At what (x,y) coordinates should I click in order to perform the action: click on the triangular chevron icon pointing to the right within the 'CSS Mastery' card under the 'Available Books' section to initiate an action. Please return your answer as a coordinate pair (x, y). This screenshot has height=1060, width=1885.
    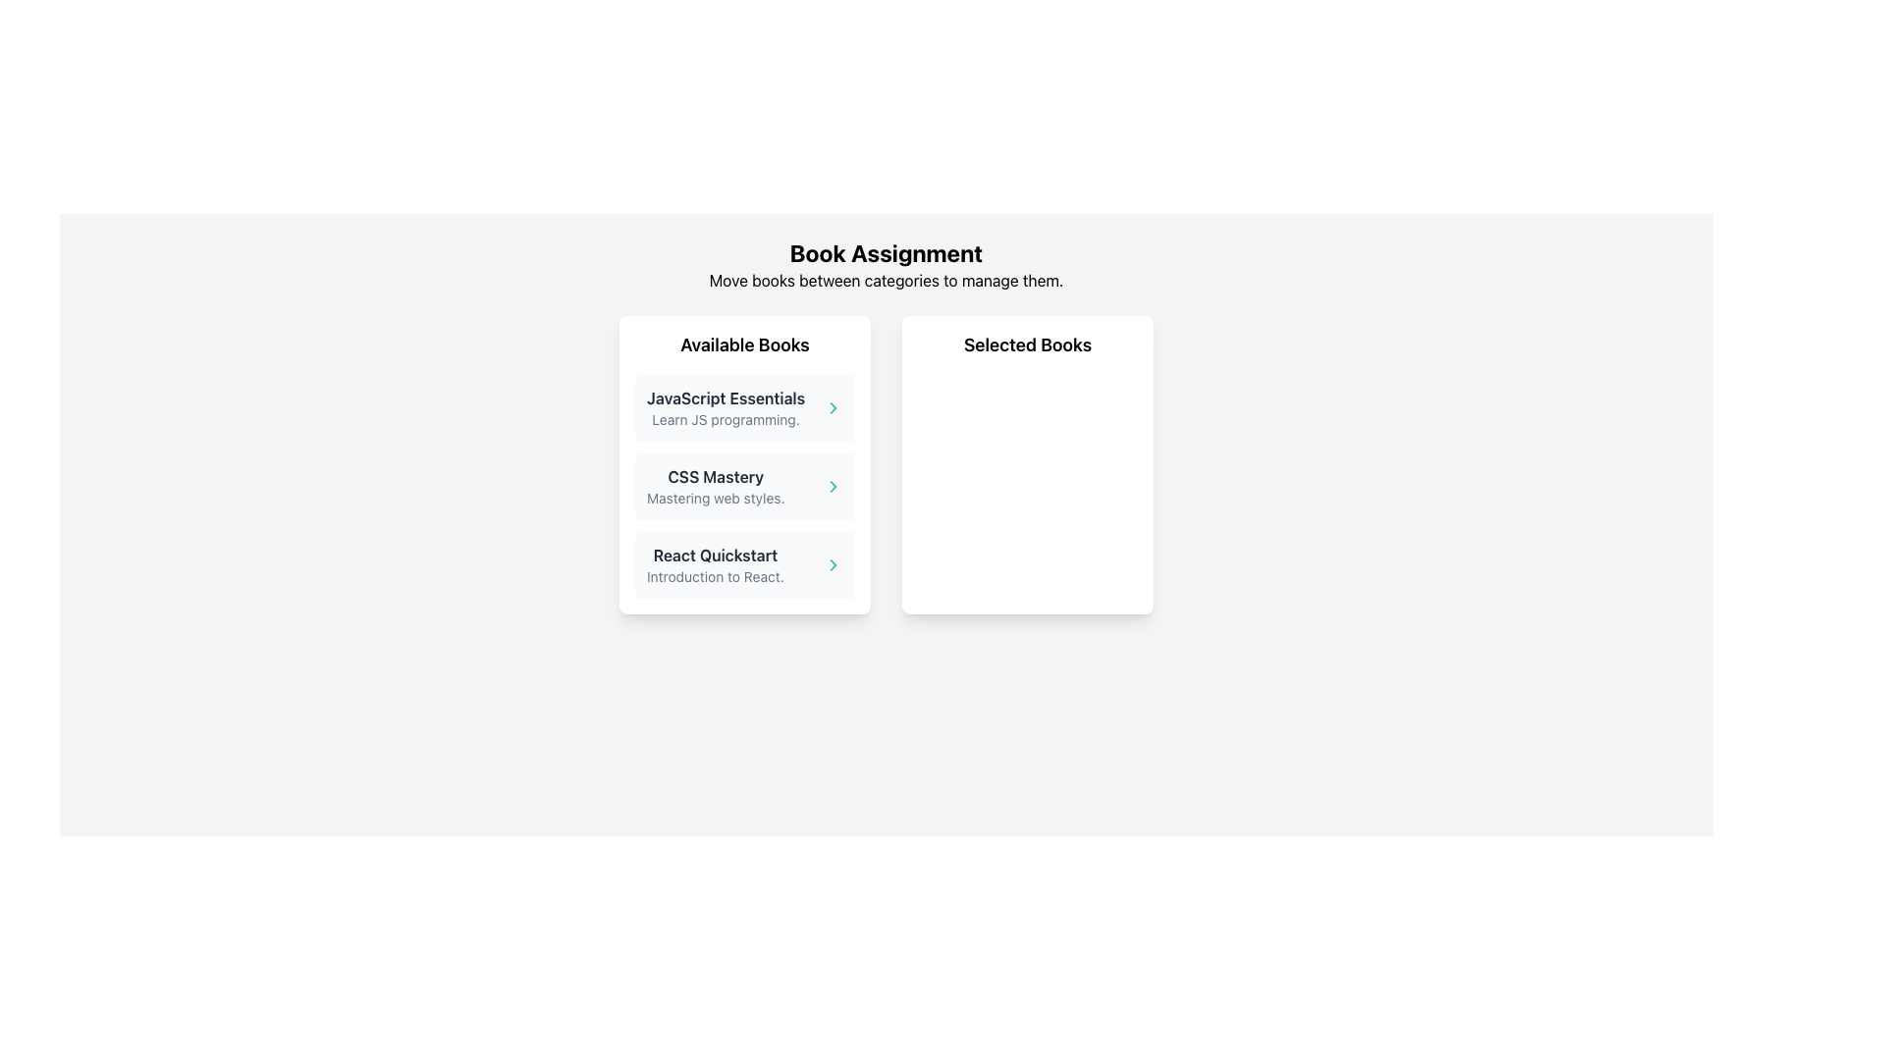
    Looking at the image, I should click on (834, 486).